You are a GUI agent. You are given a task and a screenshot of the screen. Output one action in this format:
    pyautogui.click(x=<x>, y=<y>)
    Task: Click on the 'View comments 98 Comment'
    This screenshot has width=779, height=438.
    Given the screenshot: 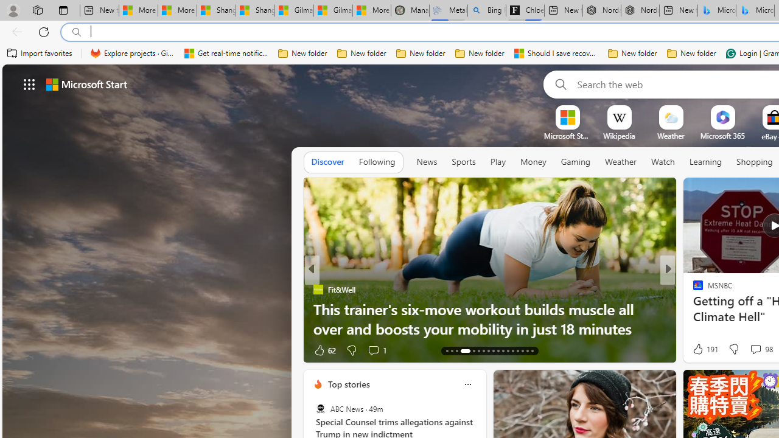 What is the action you would take?
    pyautogui.click(x=755, y=349)
    